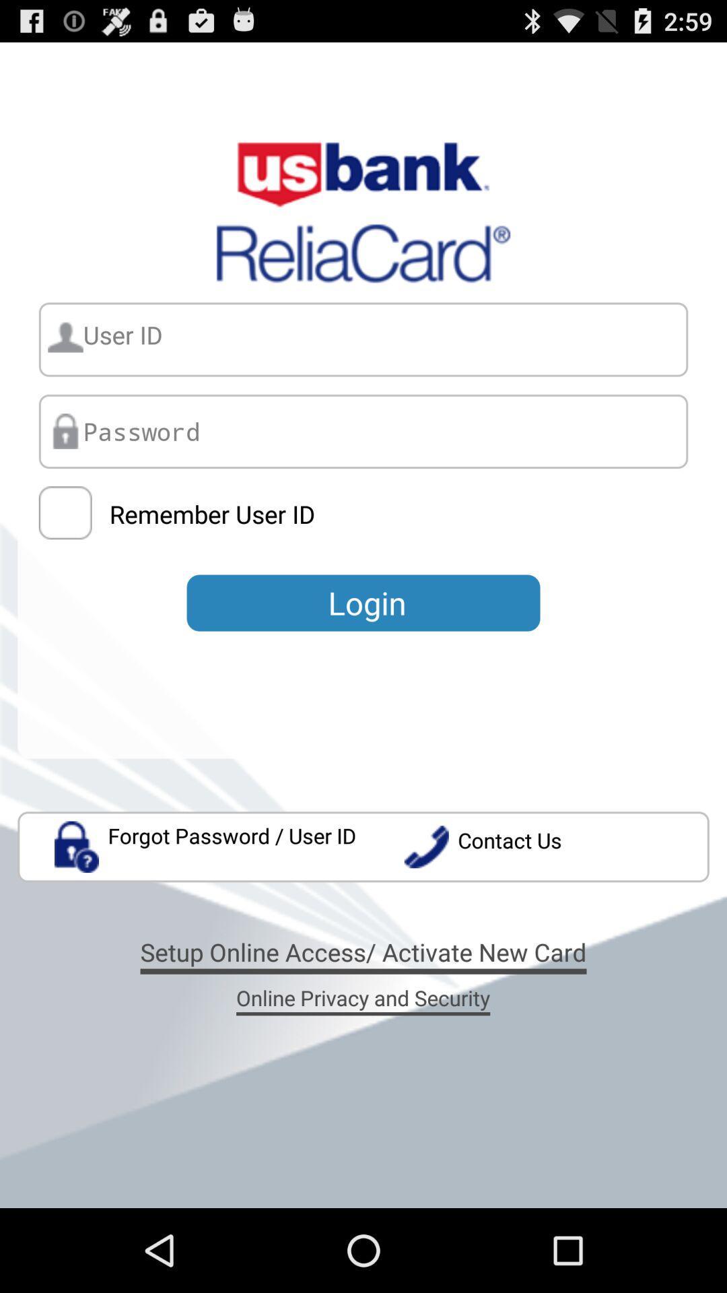  I want to click on the item above forgot password user icon, so click(65, 512).